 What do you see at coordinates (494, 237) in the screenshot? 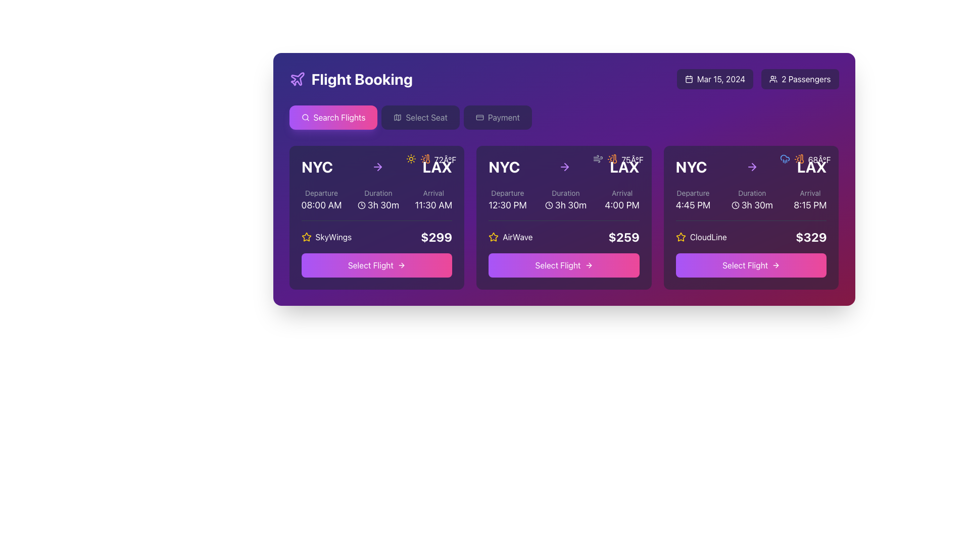
I see `the star icon located to the left of the text 'AirWave' in the second flight card representing a flight from NYC to LAX` at bounding box center [494, 237].